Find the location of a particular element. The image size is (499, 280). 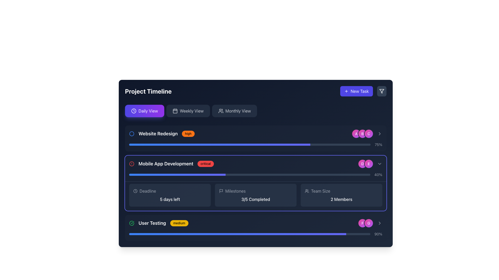

the button that initiates the creation of a new task is located at coordinates (356, 91).